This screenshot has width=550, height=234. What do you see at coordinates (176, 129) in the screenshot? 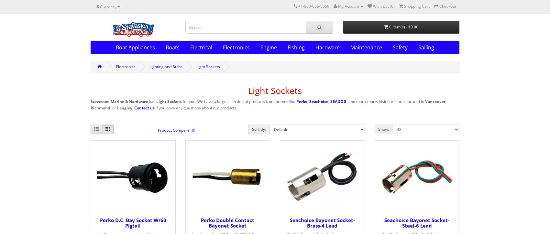
I see `'Product Compare (0)'` at bounding box center [176, 129].